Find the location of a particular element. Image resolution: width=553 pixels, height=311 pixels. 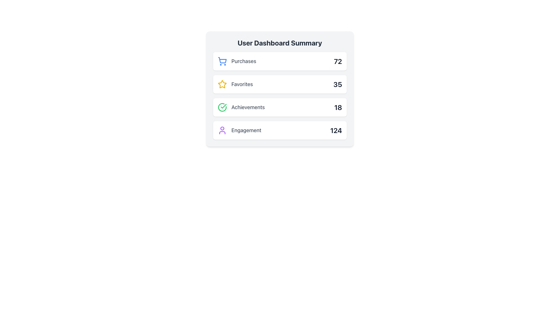

the achievement summary label with icon located in the second item of the dashboard summary card, positioned between the 'Favorites' and 'Engagement' sections is located at coordinates (241, 107).